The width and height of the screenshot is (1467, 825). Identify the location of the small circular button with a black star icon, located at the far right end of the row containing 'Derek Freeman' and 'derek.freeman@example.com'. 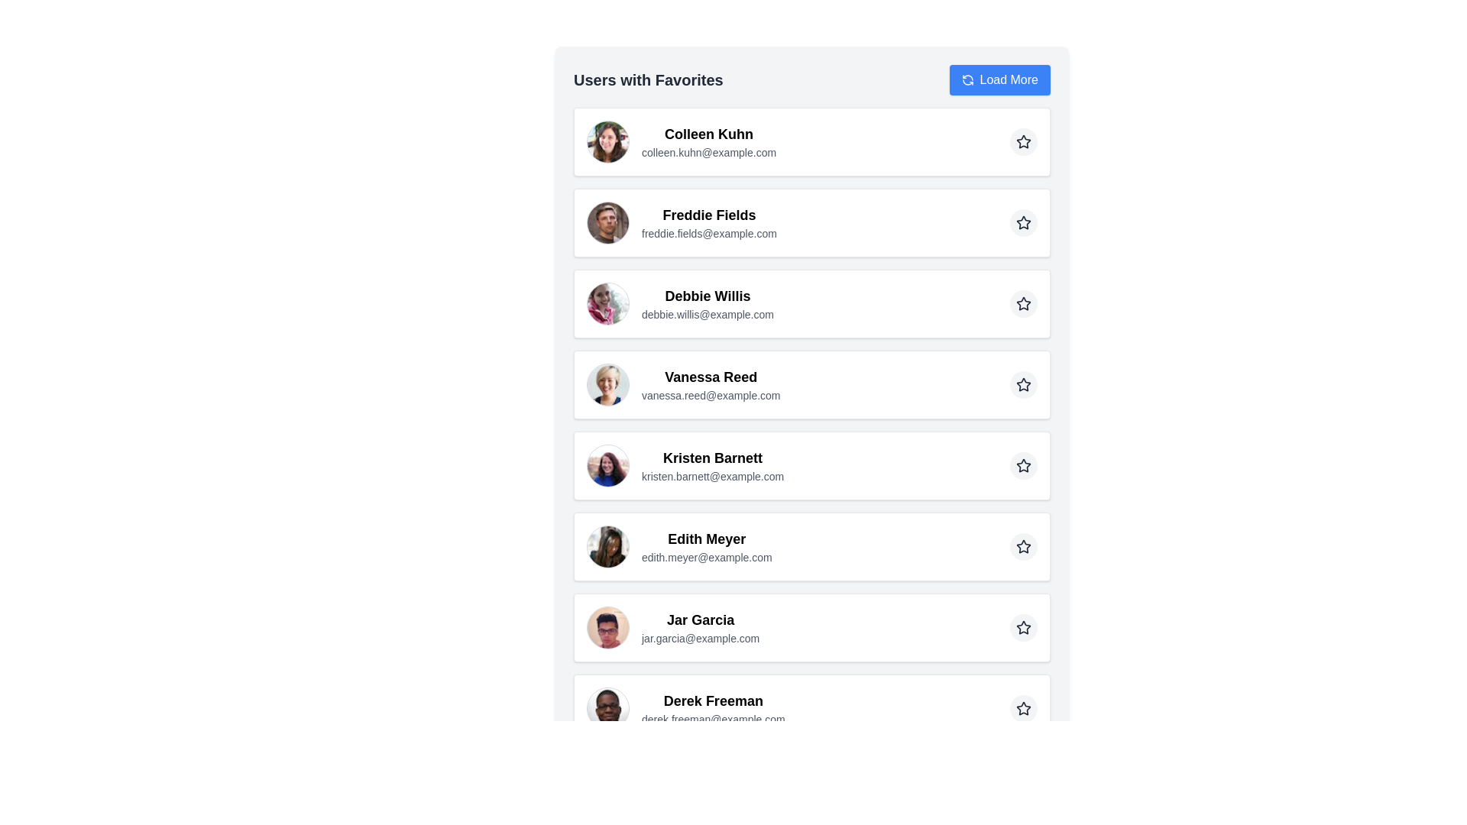
(1023, 709).